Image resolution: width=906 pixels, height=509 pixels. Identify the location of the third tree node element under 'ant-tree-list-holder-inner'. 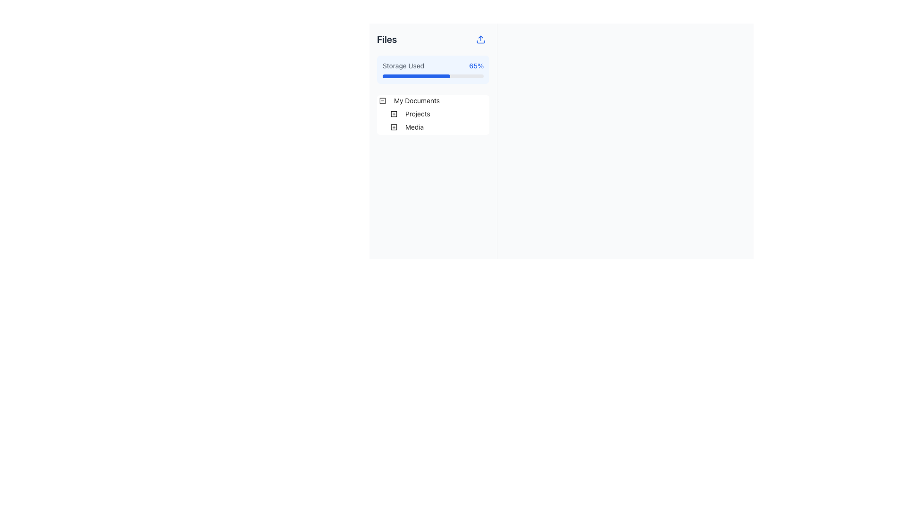
(402, 127).